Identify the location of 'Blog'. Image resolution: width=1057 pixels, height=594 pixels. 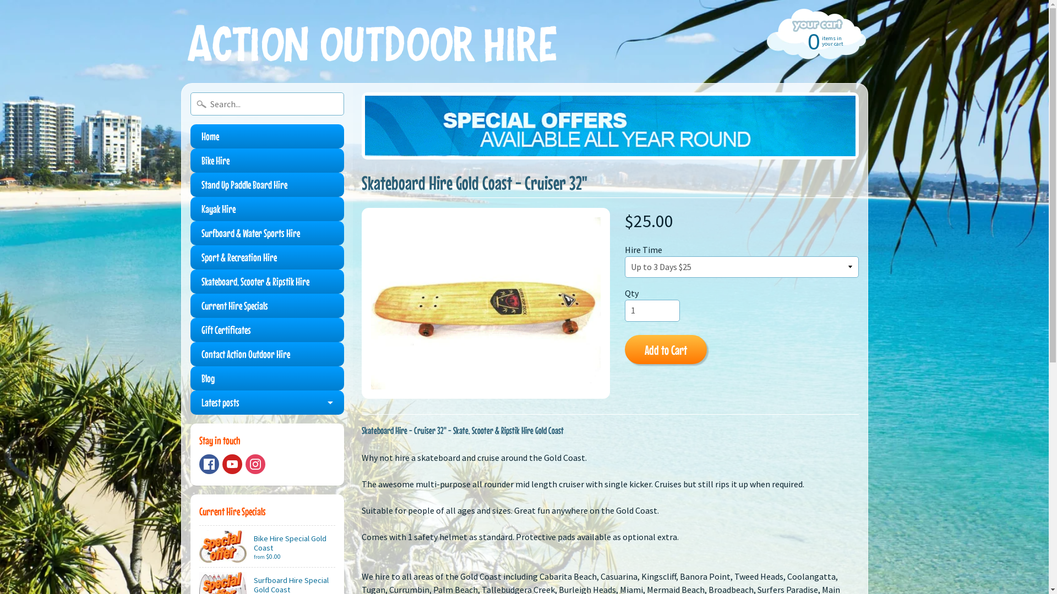
(267, 377).